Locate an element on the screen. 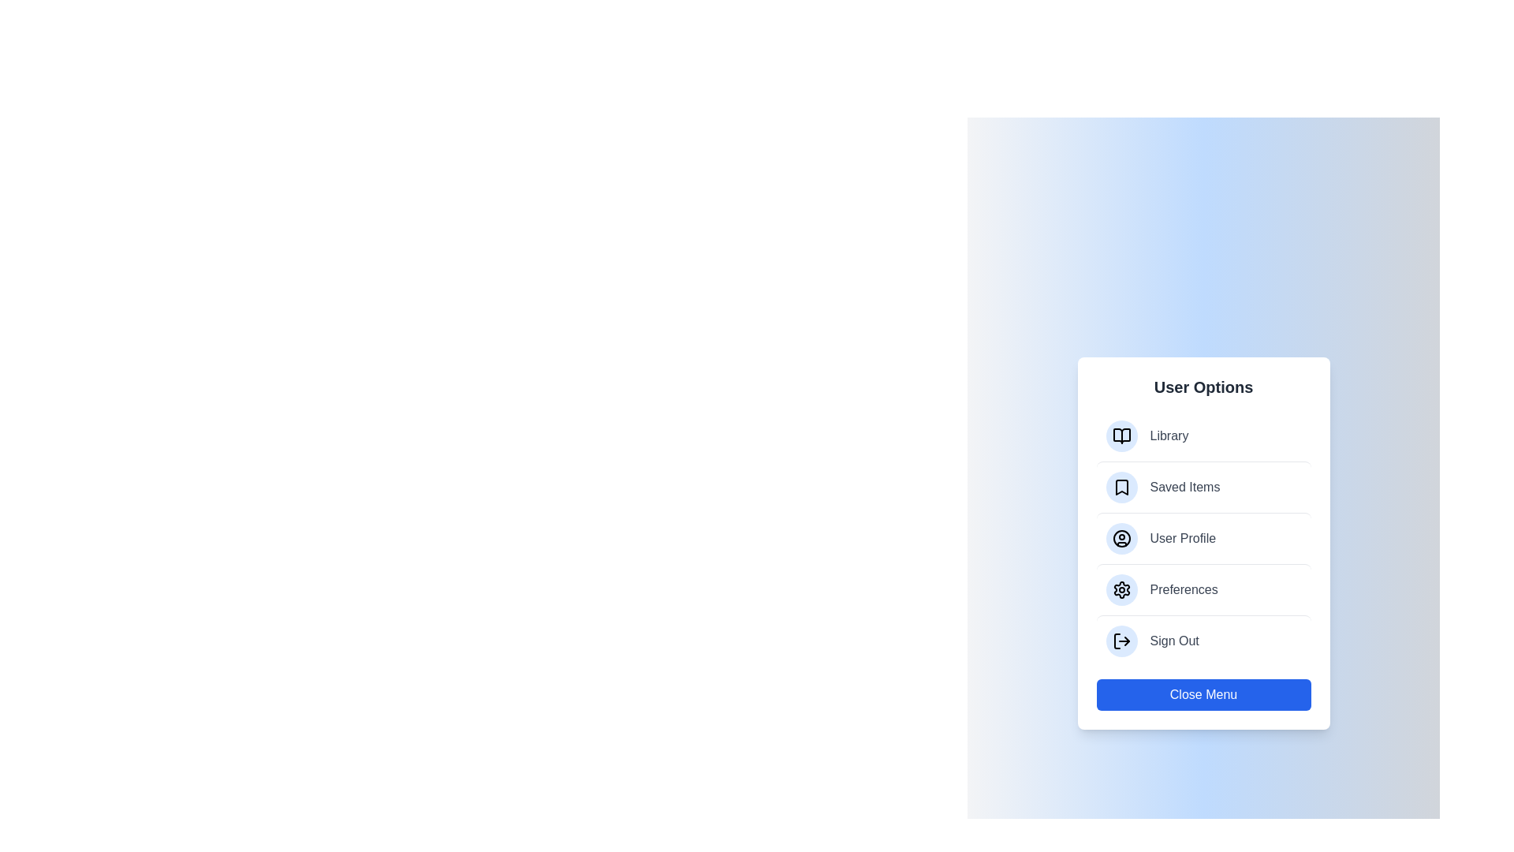 Image resolution: width=1514 pixels, height=852 pixels. the menu item labeled Preferences is located at coordinates (1203, 589).